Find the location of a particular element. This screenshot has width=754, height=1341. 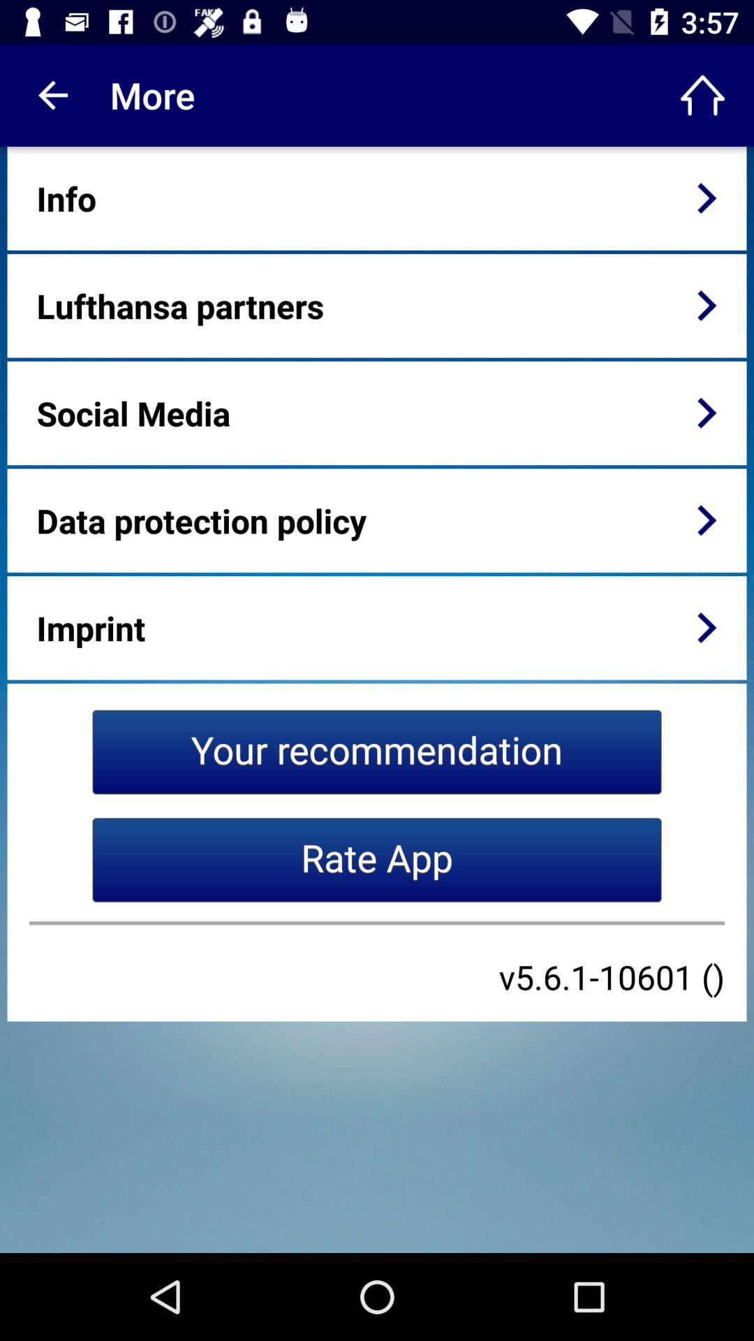

the item next to more icon is located at coordinates (50, 94).